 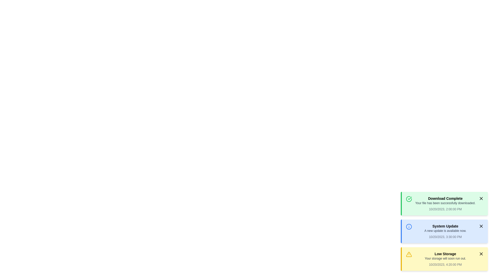 I want to click on the downward-pointing triangular icon with a yellow fill and outline, located within the 'Low Storage' notification box, so click(x=408, y=254).